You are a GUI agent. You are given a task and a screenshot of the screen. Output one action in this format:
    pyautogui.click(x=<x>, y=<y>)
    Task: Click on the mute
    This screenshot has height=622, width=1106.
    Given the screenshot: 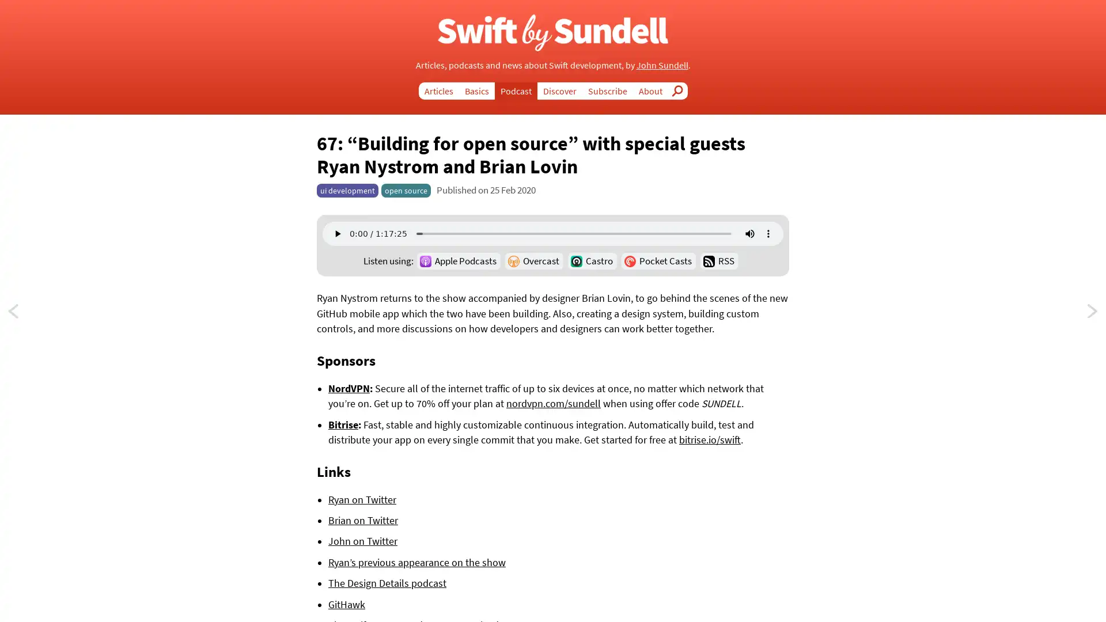 What is the action you would take?
    pyautogui.click(x=749, y=233)
    